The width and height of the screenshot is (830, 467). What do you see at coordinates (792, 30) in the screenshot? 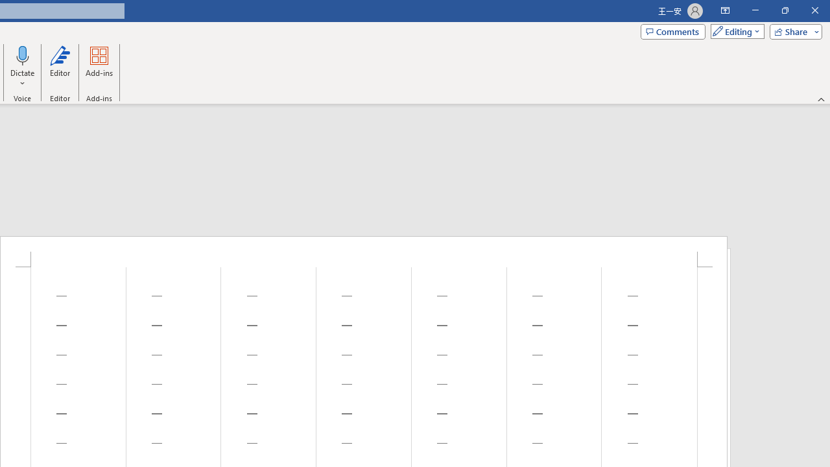
I see `'Share'` at bounding box center [792, 30].